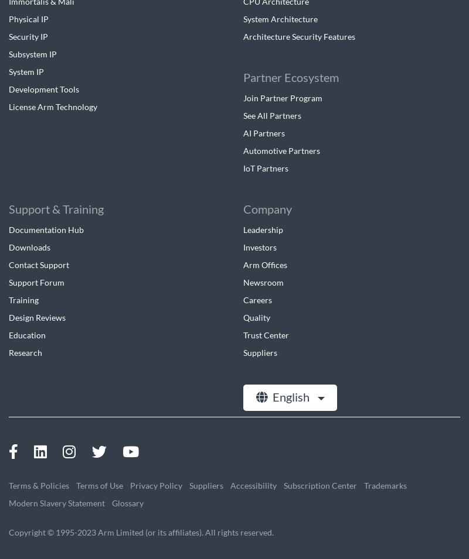 The width and height of the screenshot is (469, 559). Describe the element at coordinates (26, 70) in the screenshot. I see `'System IP'` at that location.